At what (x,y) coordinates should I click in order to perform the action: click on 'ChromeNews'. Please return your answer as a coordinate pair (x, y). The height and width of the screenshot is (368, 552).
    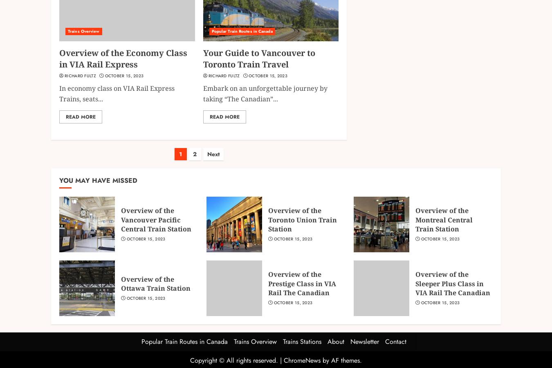
    Looking at the image, I should click on (301, 360).